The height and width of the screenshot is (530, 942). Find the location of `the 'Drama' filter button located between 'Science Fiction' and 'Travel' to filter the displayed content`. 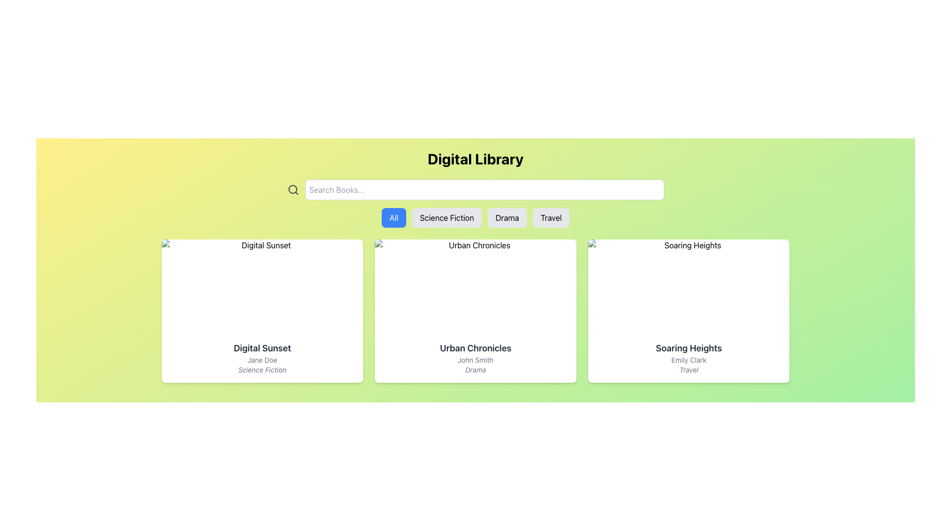

the 'Drama' filter button located between 'Science Fiction' and 'Travel' to filter the displayed content is located at coordinates (507, 217).